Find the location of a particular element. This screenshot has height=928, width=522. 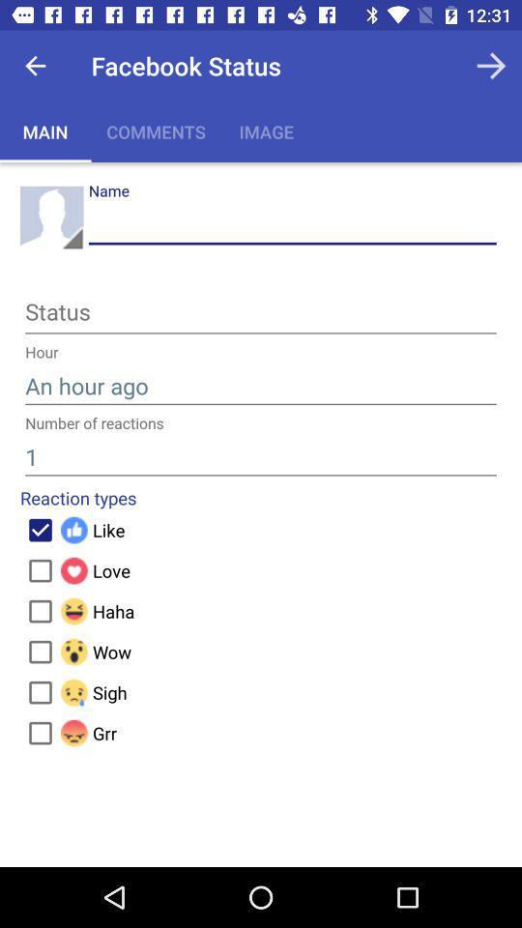

status page is located at coordinates (261, 315).